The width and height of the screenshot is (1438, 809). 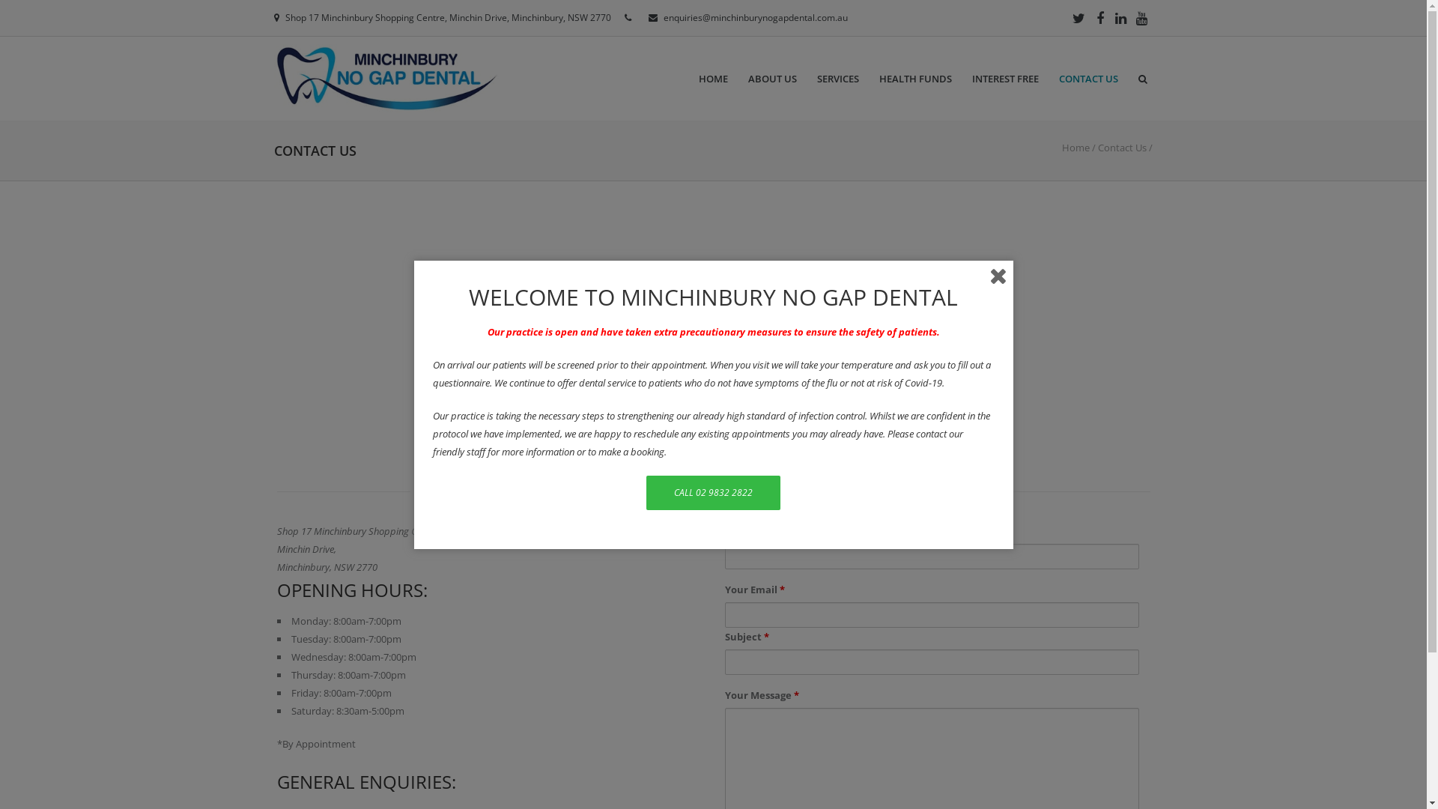 I want to click on 'Twitter', so click(x=1078, y=17).